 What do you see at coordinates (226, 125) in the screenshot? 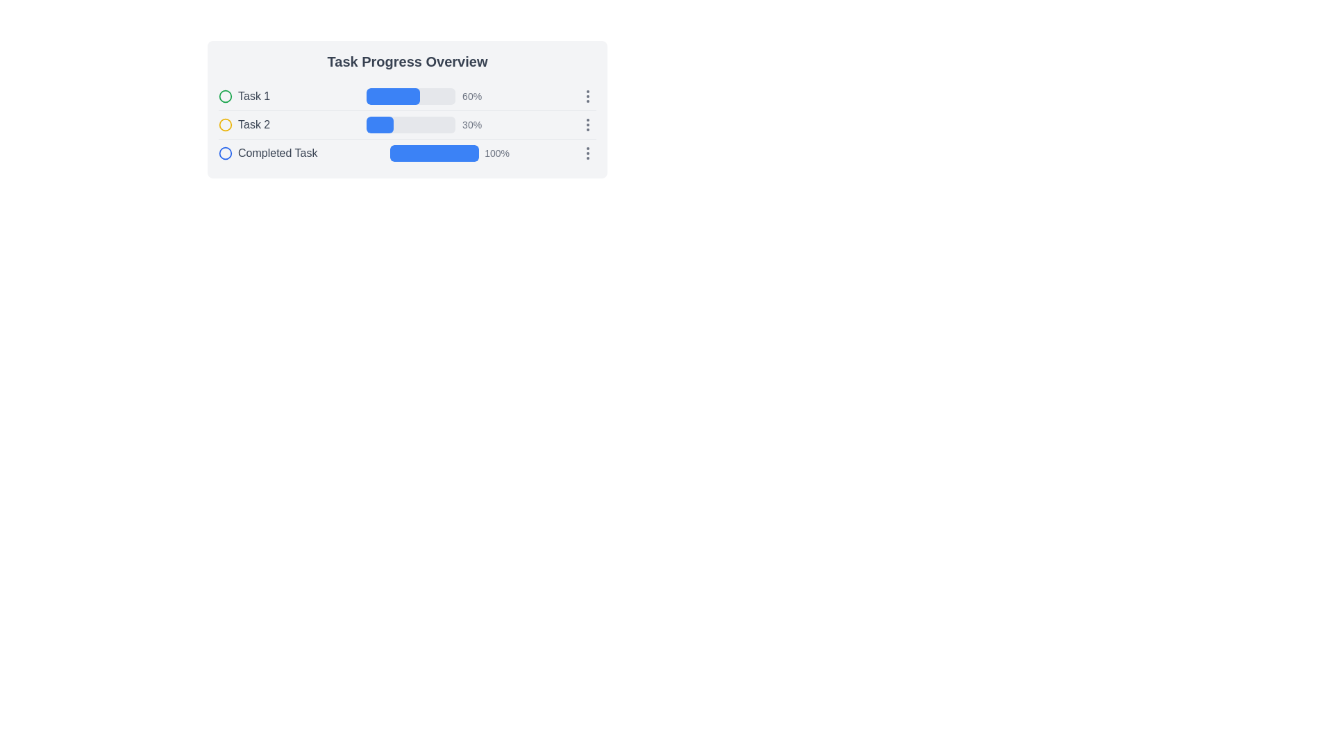
I see `the second circular indicator associated with 'Task 2' to visually signify its status` at bounding box center [226, 125].